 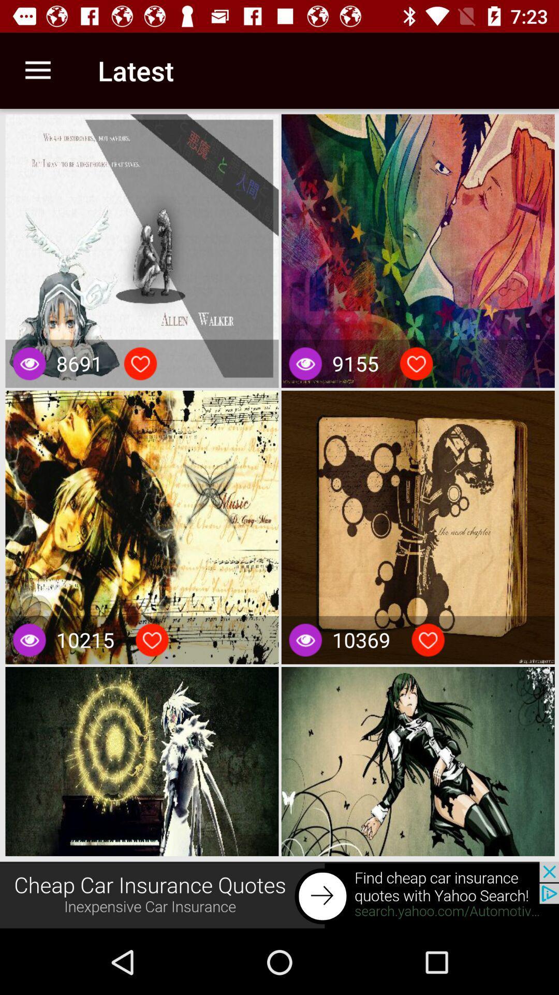 What do you see at coordinates (417, 527) in the screenshot?
I see `fourth image` at bounding box center [417, 527].